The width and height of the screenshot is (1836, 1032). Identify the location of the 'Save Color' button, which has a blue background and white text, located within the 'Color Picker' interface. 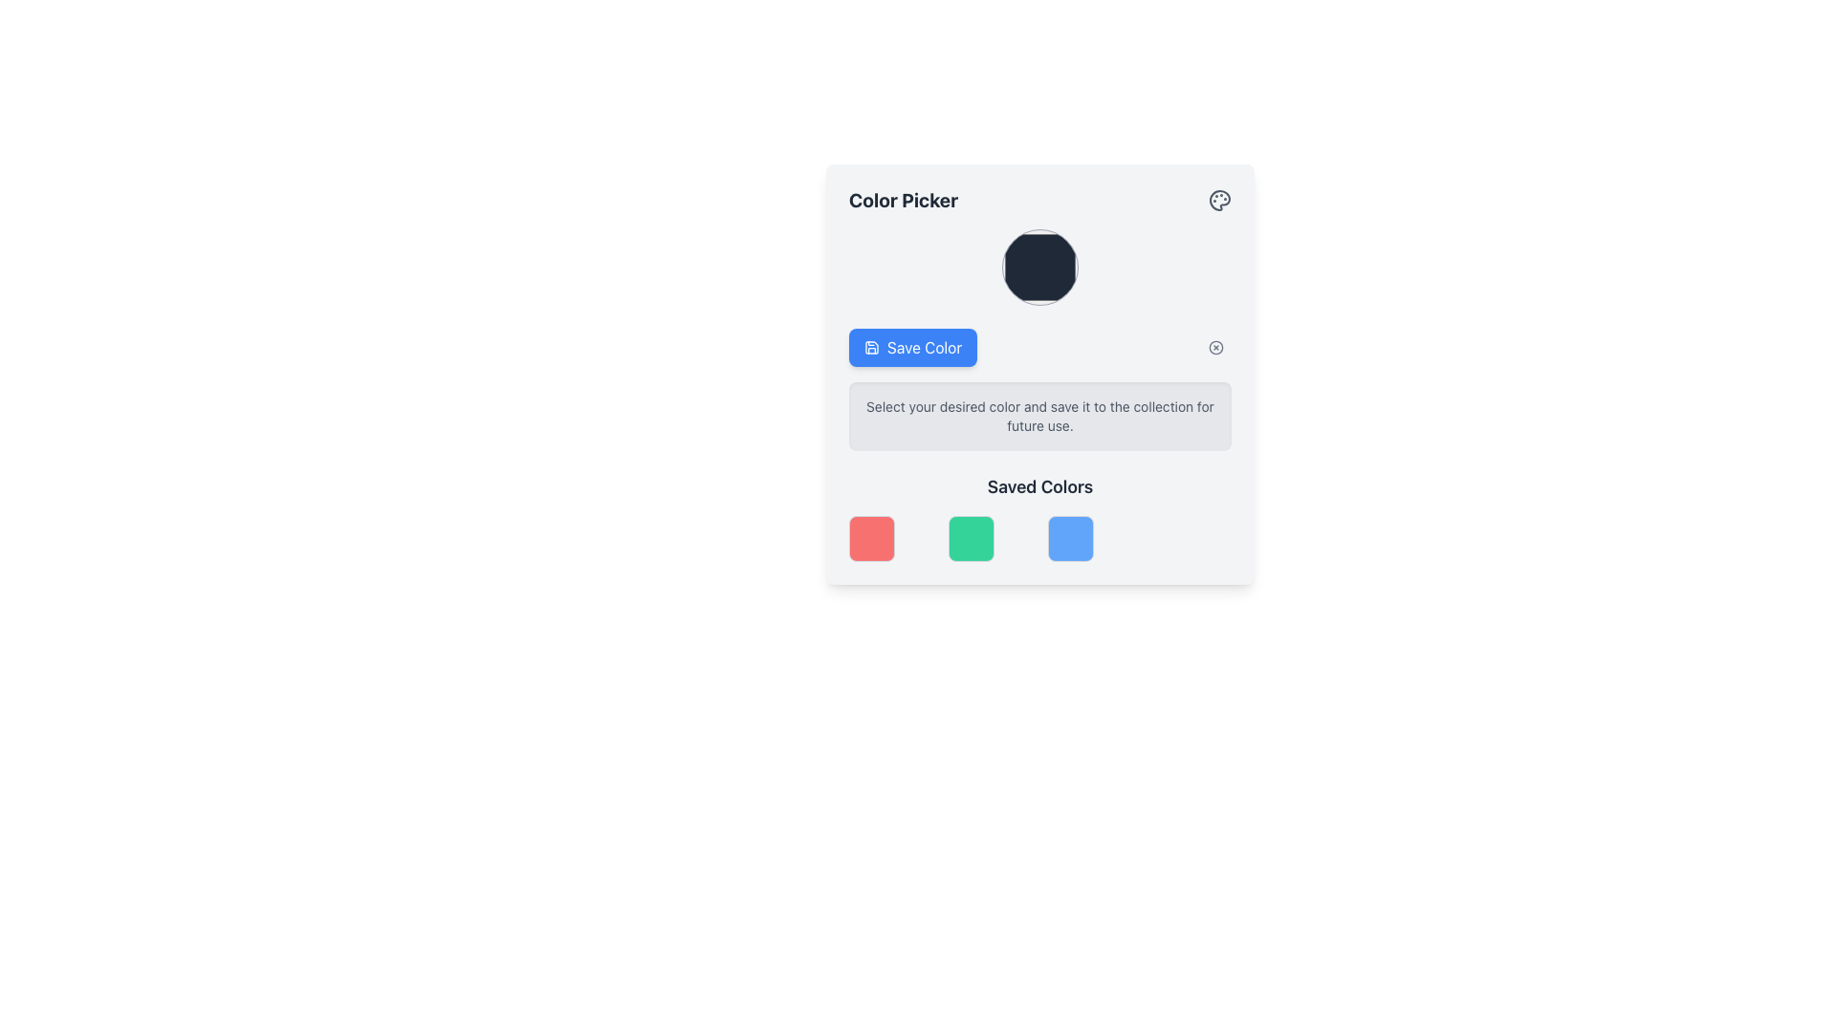
(912, 347).